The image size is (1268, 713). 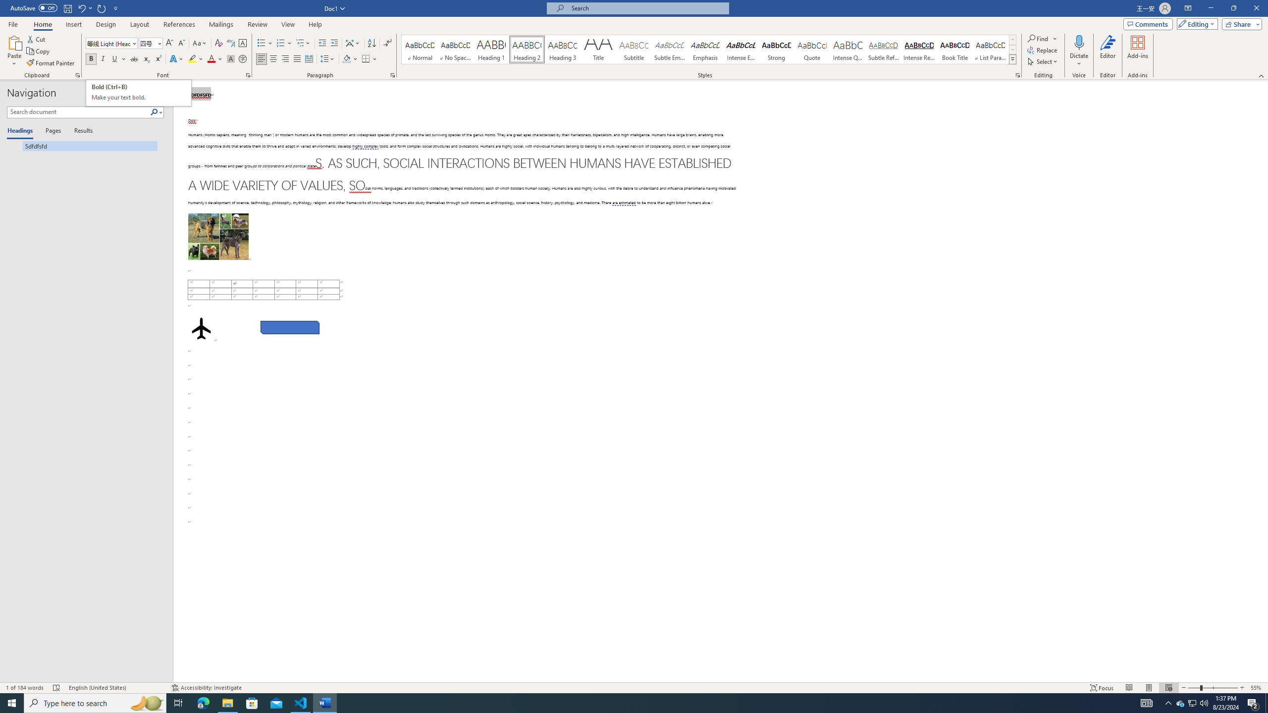 What do you see at coordinates (56, 688) in the screenshot?
I see `'Spelling and Grammar Check Errors'` at bounding box center [56, 688].